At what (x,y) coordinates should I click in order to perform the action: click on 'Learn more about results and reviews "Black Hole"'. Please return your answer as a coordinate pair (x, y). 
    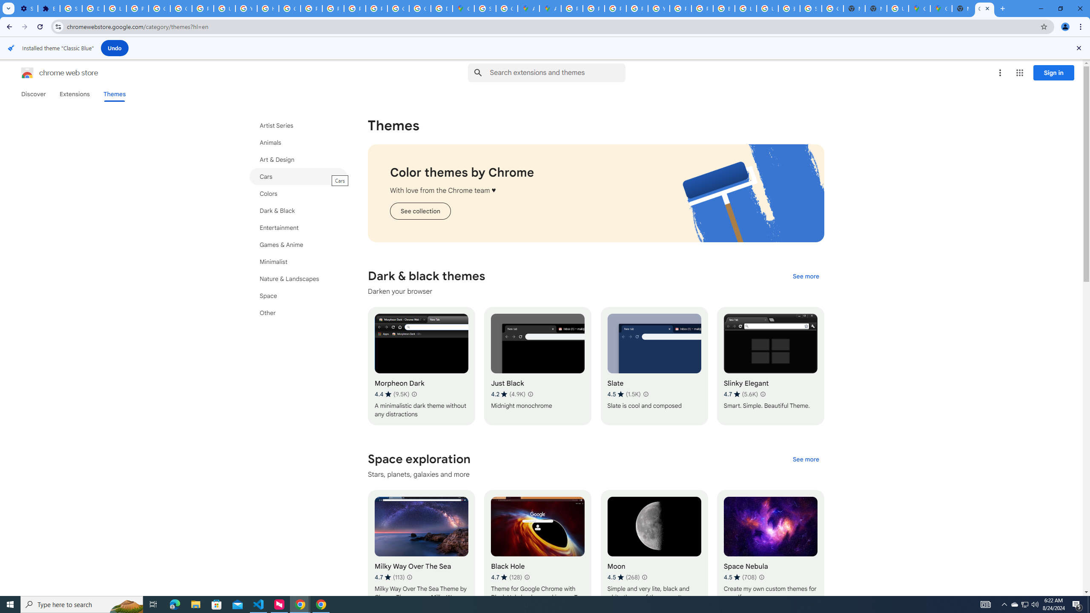
    Looking at the image, I should click on (526, 577).